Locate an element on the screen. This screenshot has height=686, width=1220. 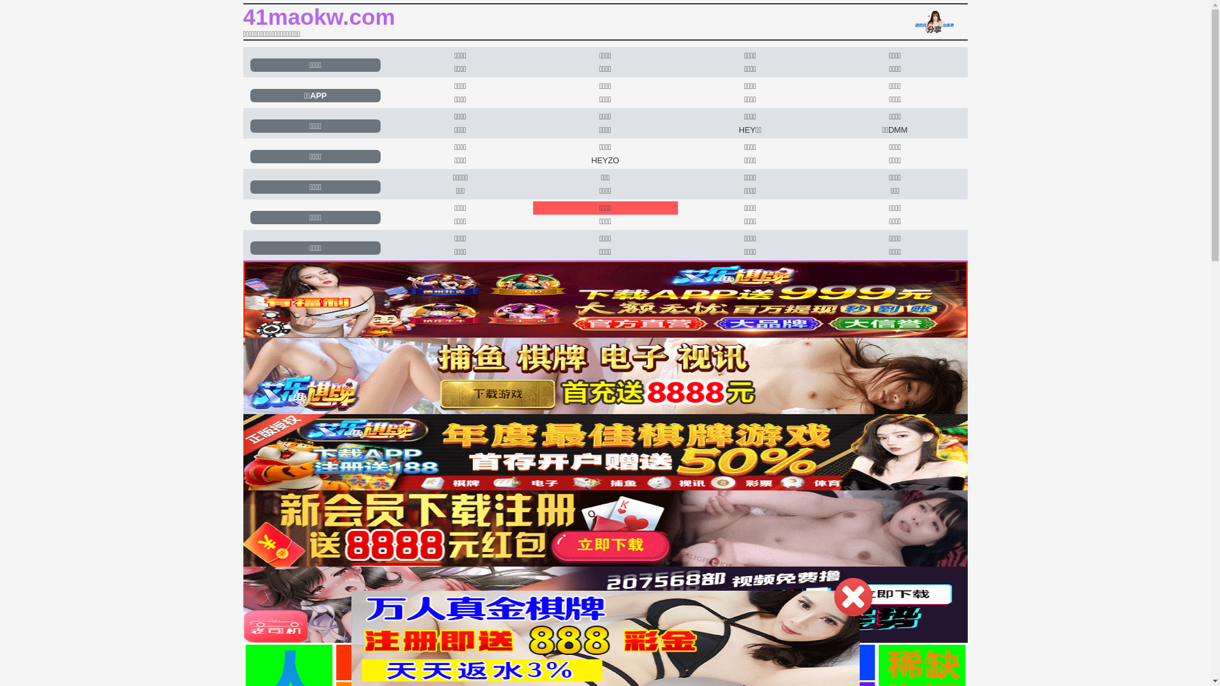
'HEYZO' is located at coordinates (604, 159).